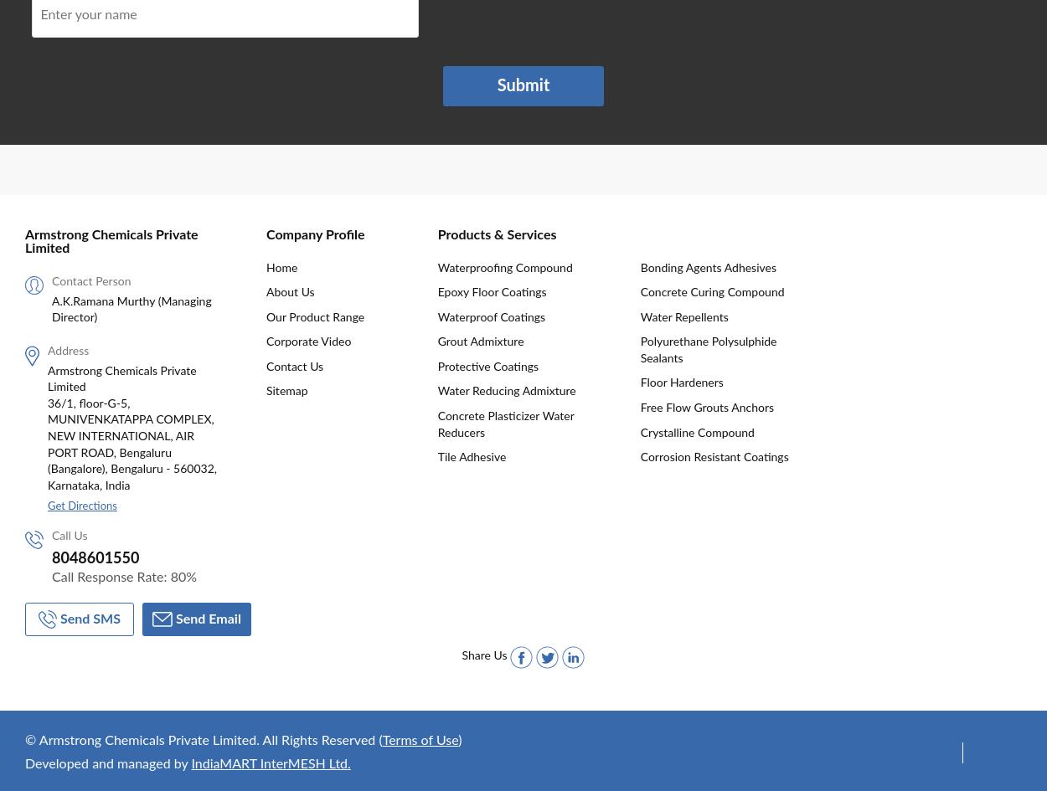 This screenshot has width=1047, height=791. What do you see at coordinates (281, 267) in the screenshot?
I see `'Home'` at bounding box center [281, 267].